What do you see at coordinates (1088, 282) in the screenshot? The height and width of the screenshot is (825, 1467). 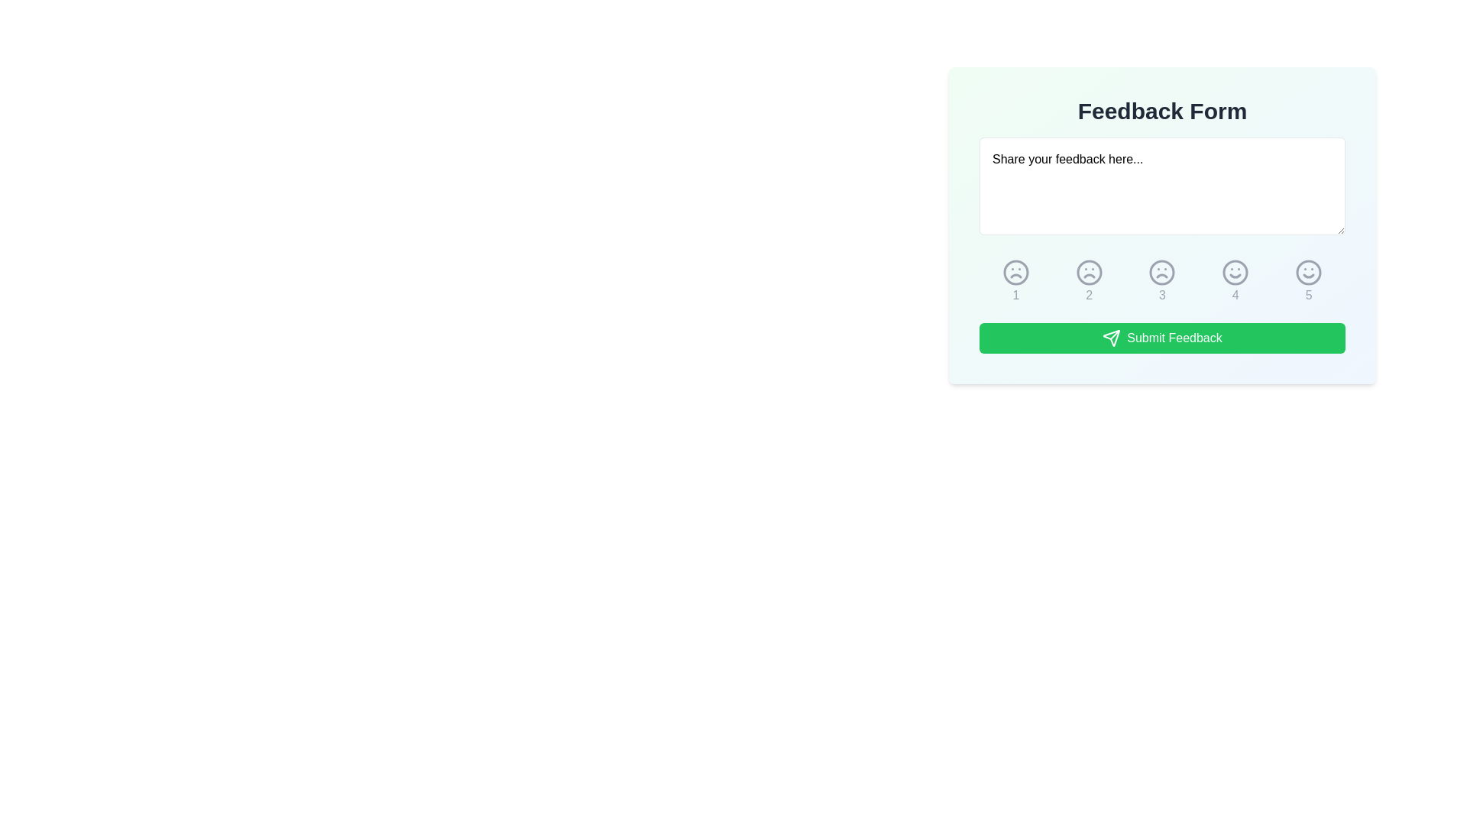 I see `the second clickable rating element, which represents a low-rating option in the feedback mechanism` at bounding box center [1088, 282].